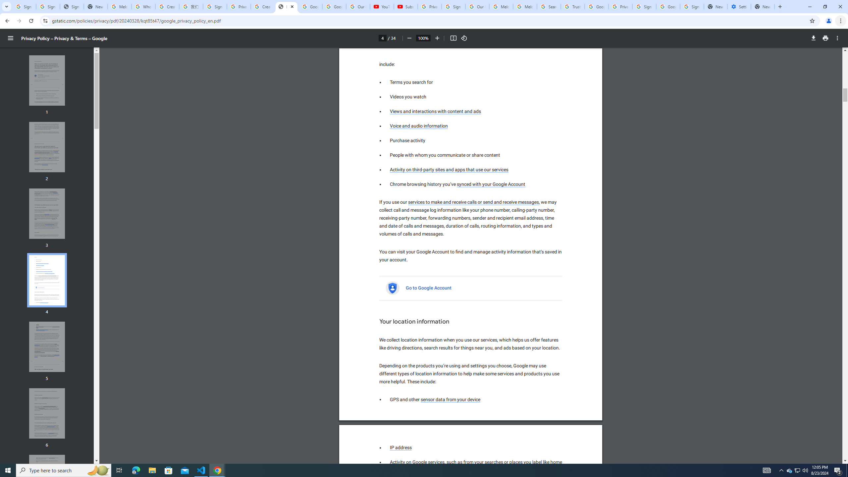 The width and height of the screenshot is (848, 477). Describe the element at coordinates (667, 6) in the screenshot. I see `'Google Cybersecurity Innovations - Google Safety Center'` at that location.